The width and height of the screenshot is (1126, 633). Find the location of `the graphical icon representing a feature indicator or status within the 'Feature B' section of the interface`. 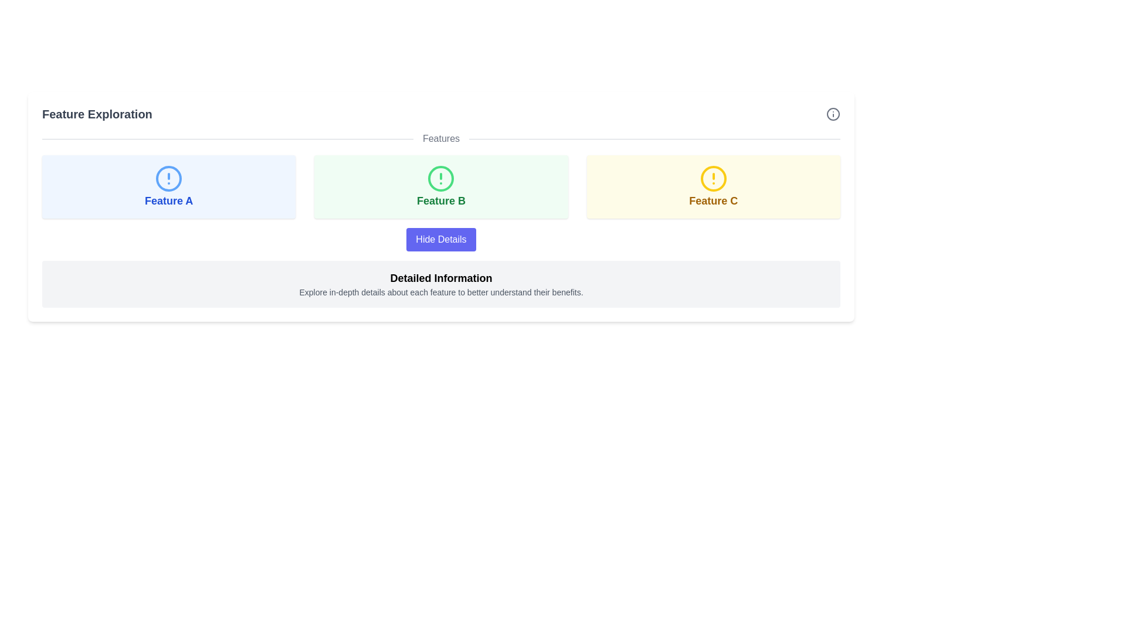

the graphical icon representing a feature indicator or status within the 'Feature B' section of the interface is located at coordinates (440, 178).